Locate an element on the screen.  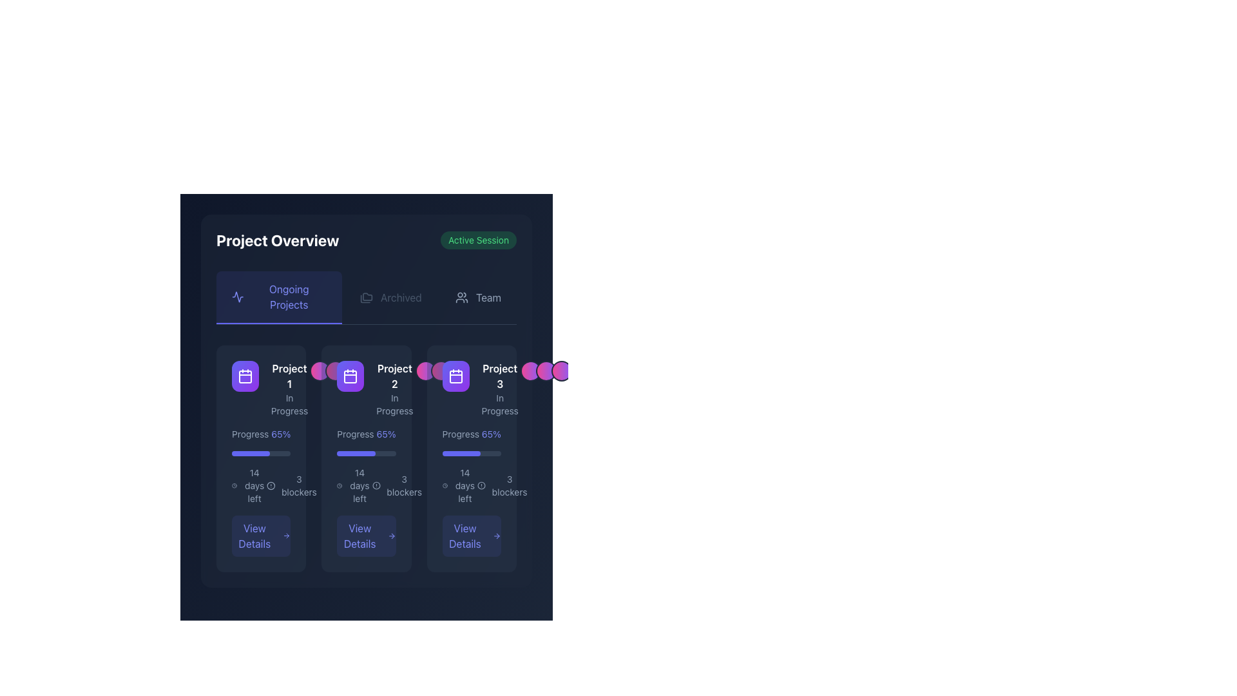
the static text label located in the first card at the top left of the grid displaying project progress information, which is positioned slightly above and to the left of the blue percentage indicator ('65%') is located at coordinates (250, 434).